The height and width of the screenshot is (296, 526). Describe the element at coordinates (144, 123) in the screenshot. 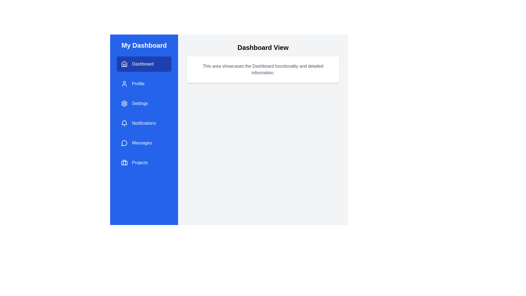

I see `the menu item Notifications` at that location.